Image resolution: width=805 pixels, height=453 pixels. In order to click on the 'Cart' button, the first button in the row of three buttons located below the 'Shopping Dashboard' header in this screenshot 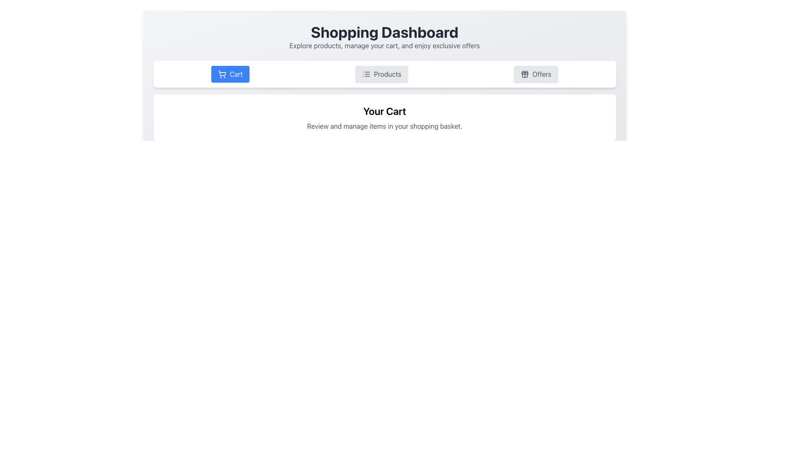, I will do `click(230, 74)`.